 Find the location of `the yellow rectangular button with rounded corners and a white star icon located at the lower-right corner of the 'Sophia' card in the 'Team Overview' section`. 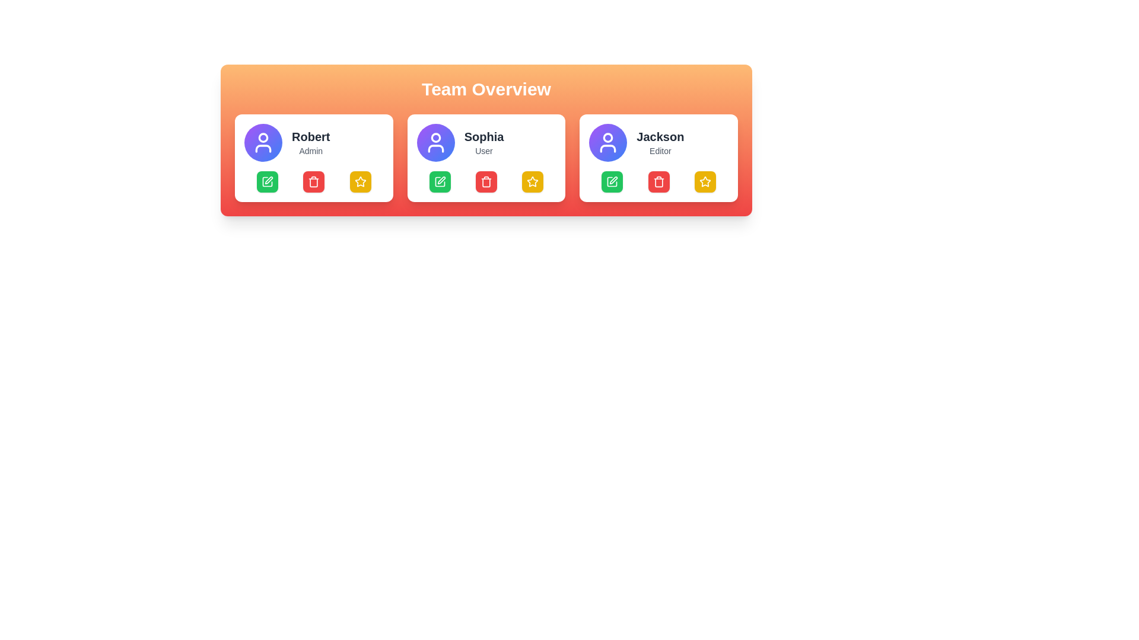

the yellow rectangular button with rounded corners and a white star icon located at the lower-right corner of the 'Sophia' card in the 'Team Overview' section is located at coordinates (532, 182).